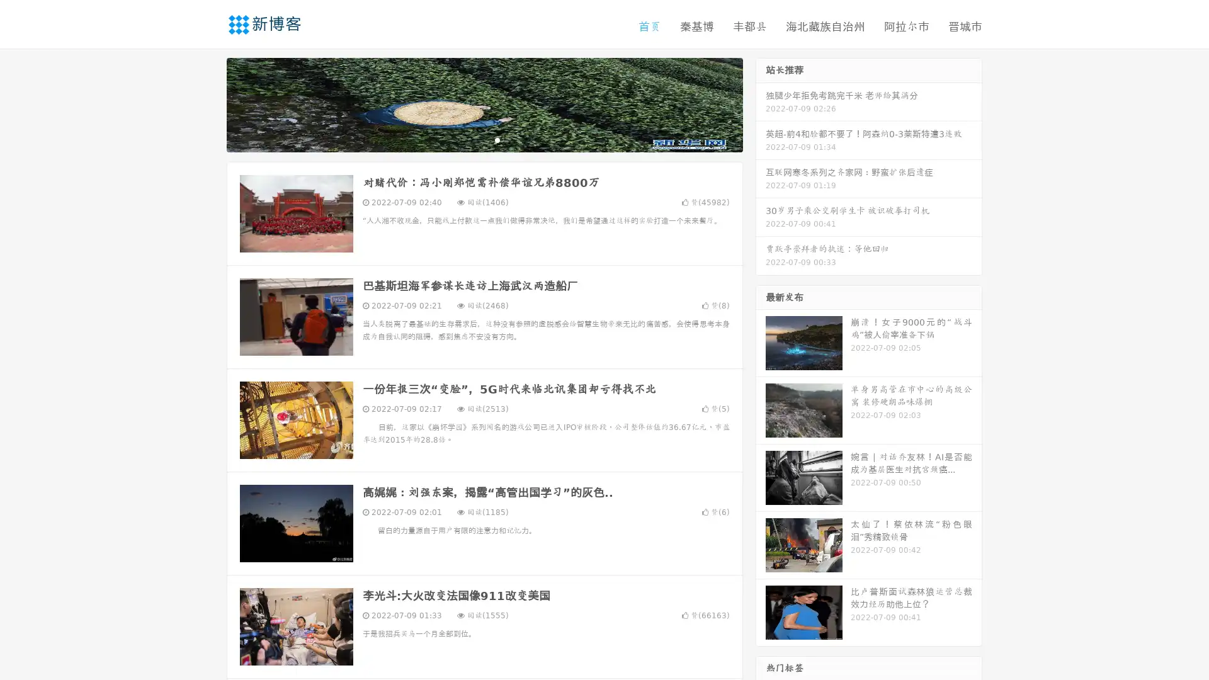 The height and width of the screenshot is (680, 1209). I want to click on Go to slide 1, so click(471, 142).